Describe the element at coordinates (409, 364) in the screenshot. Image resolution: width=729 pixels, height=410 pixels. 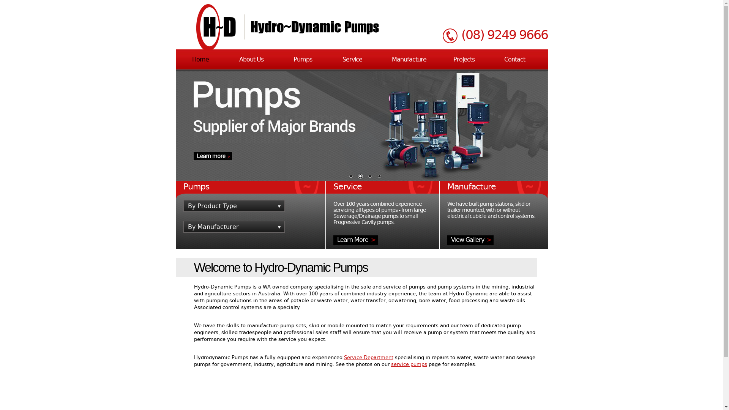
I see `'service pumps'` at that location.